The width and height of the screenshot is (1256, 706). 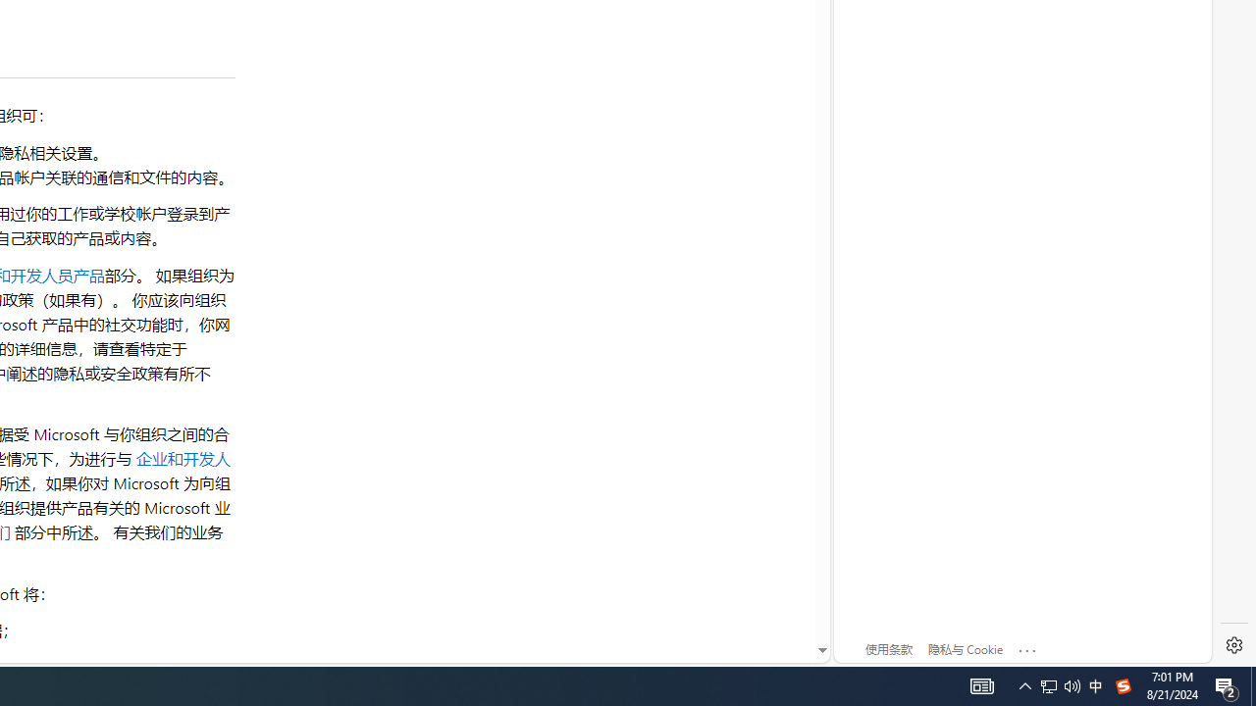 What do you see at coordinates (1024, 684) in the screenshot?
I see `'Notification Chevron'` at bounding box center [1024, 684].